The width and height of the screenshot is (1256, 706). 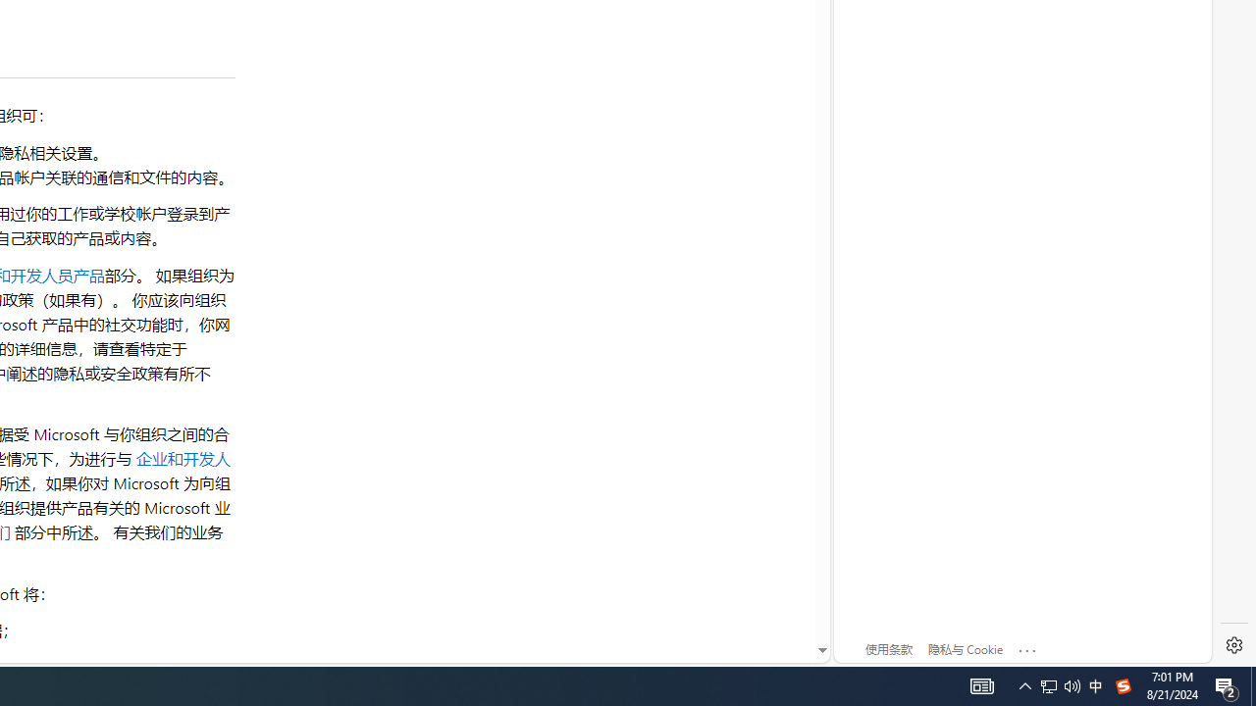 What do you see at coordinates (1024, 684) in the screenshot?
I see `'Notification Chevron'` at bounding box center [1024, 684].